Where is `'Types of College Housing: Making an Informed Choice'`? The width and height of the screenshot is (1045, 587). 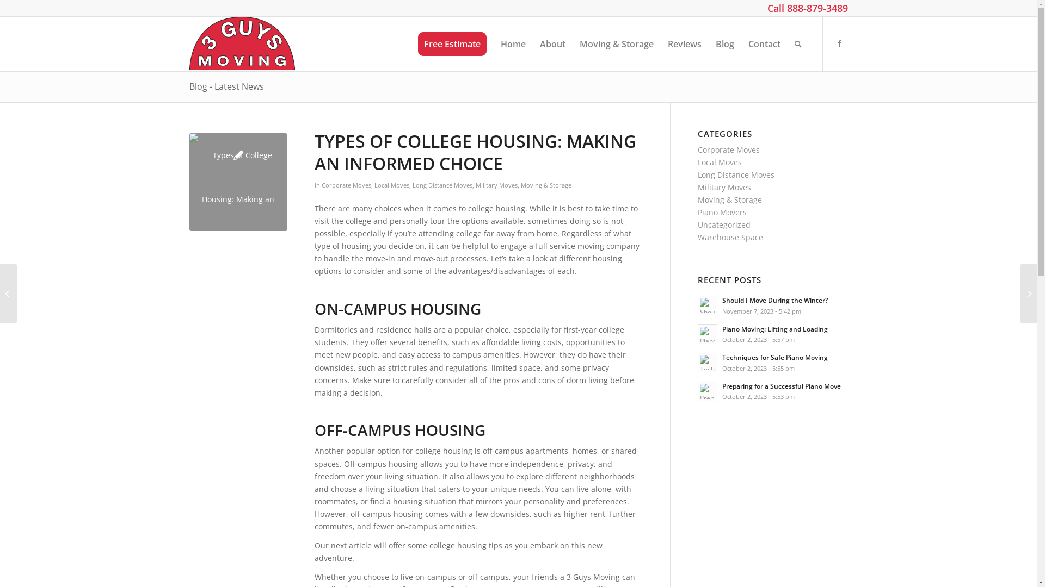
'Types of College Housing: Making an Informed Choice' is located at coordinates (237, 182).